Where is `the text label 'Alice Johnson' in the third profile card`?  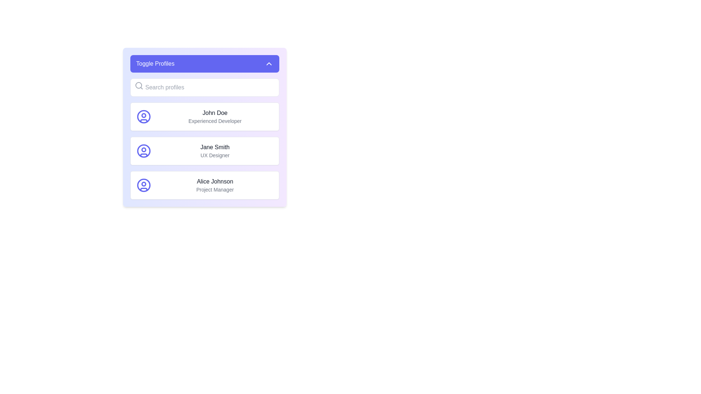 the text label 'Alice Johnson' in the third profile card is located at coordinates (215, 181).